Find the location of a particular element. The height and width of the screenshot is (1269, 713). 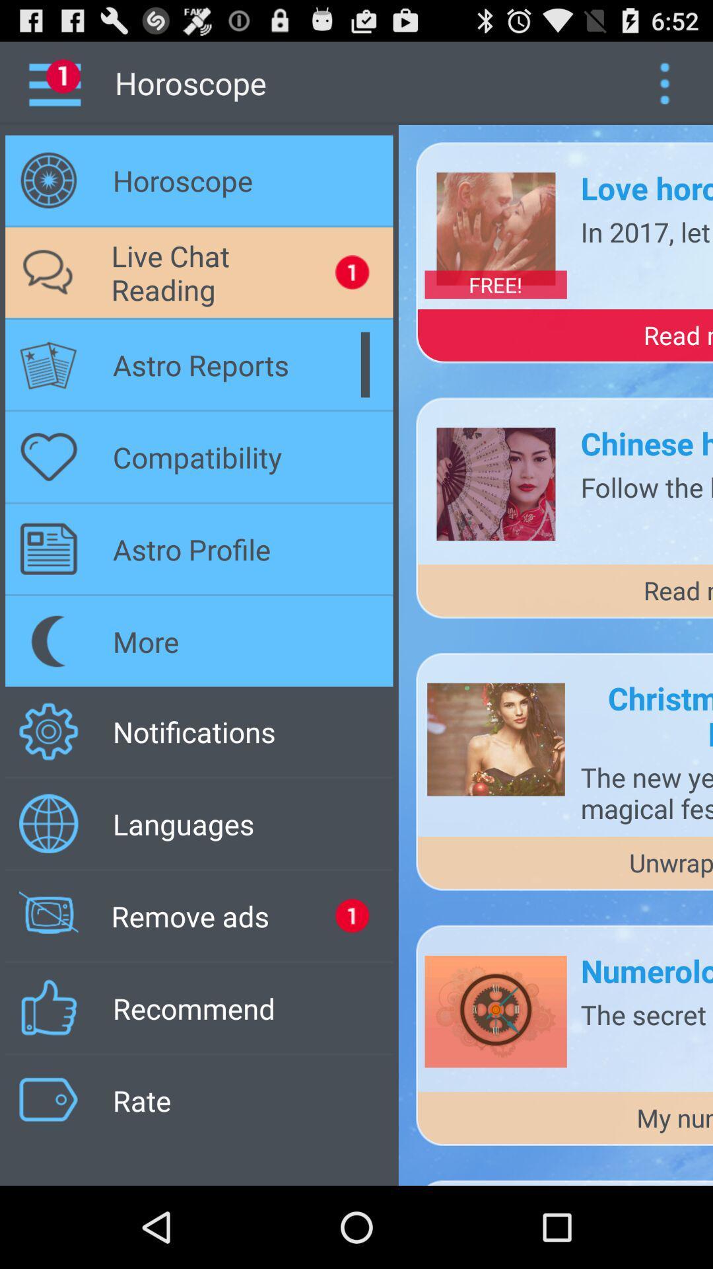

the the secret code item is located at coordinates (646, 1013).